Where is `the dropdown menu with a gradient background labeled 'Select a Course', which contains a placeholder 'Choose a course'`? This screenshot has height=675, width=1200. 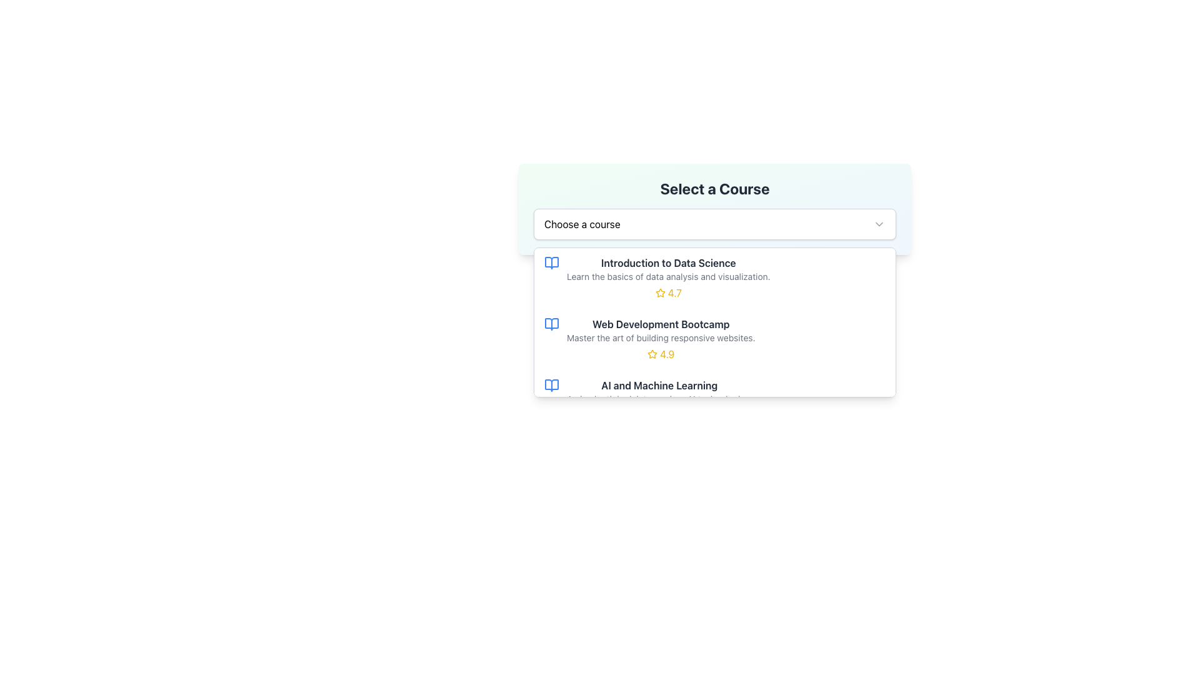
the dropdown menu with a gradient background labeled 'Select a Course', which contains a placeholder 'Choose a course' is located at coordinates (714, 209).